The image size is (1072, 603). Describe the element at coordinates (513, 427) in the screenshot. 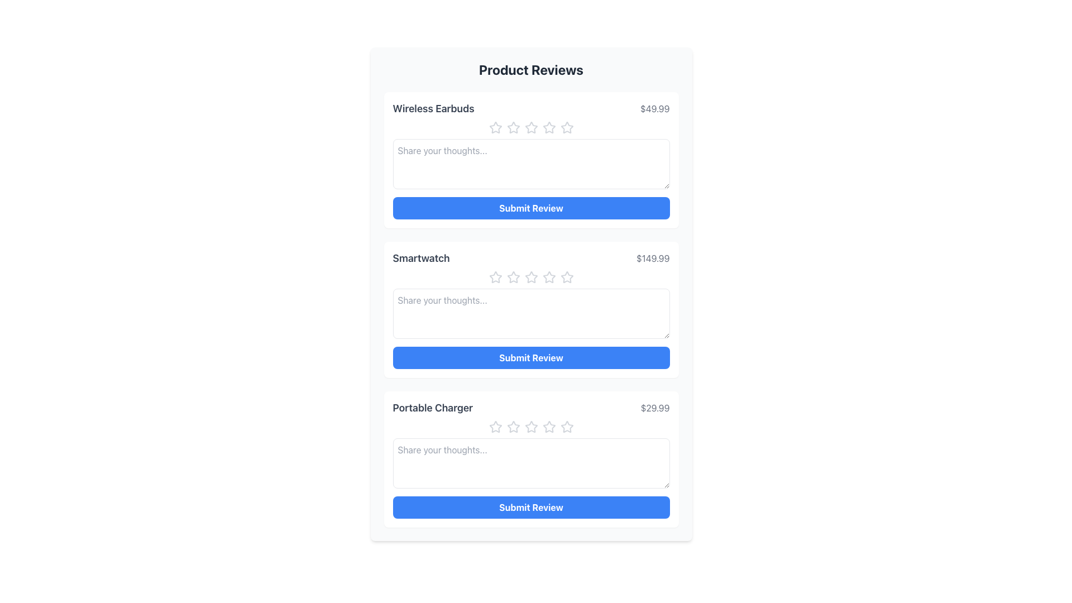

I see `the second star icon from the left in the star rating row under the 'Portable Charger' section` at that location.